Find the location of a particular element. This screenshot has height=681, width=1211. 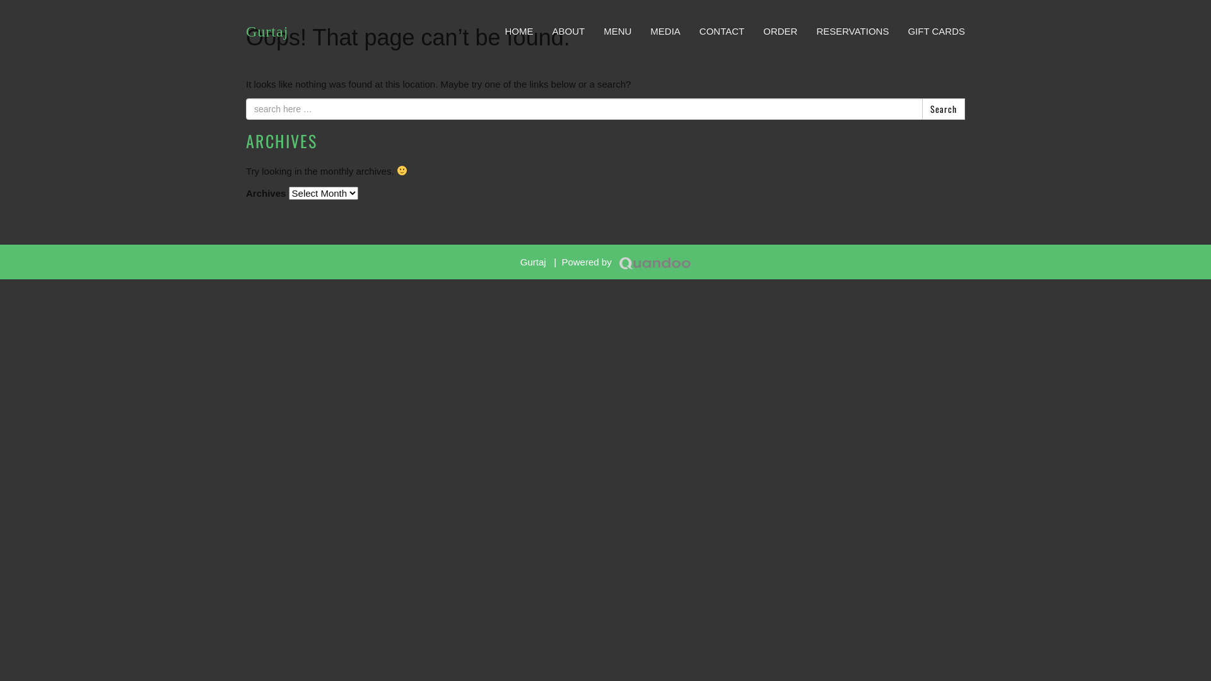

'ORDER' is located at coordinates (780, 31).